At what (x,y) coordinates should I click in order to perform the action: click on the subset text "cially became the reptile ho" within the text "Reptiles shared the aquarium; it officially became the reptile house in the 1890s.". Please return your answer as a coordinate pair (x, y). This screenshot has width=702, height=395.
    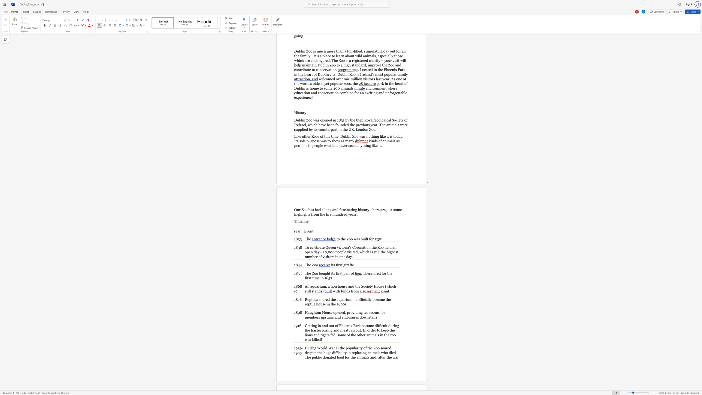
    Looking at the image, I should click on (363, 299).